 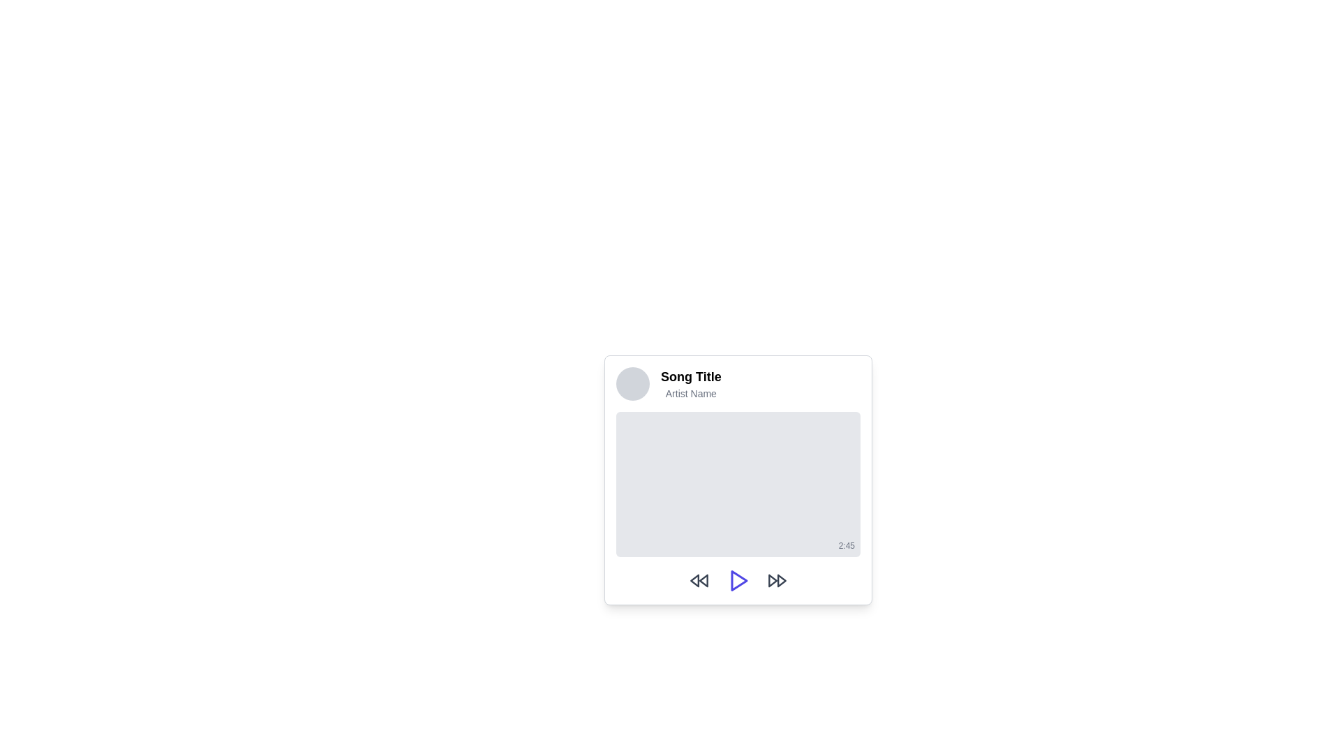 I want to click on the rewind icon button located to the left of the play button, so click(x=694, y=581).